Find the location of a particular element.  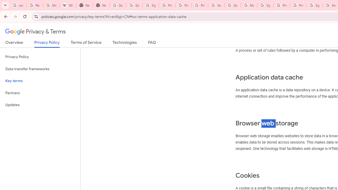

'Personalization & Google Search results - Google Search Help' is located at coordinates (34, 5).